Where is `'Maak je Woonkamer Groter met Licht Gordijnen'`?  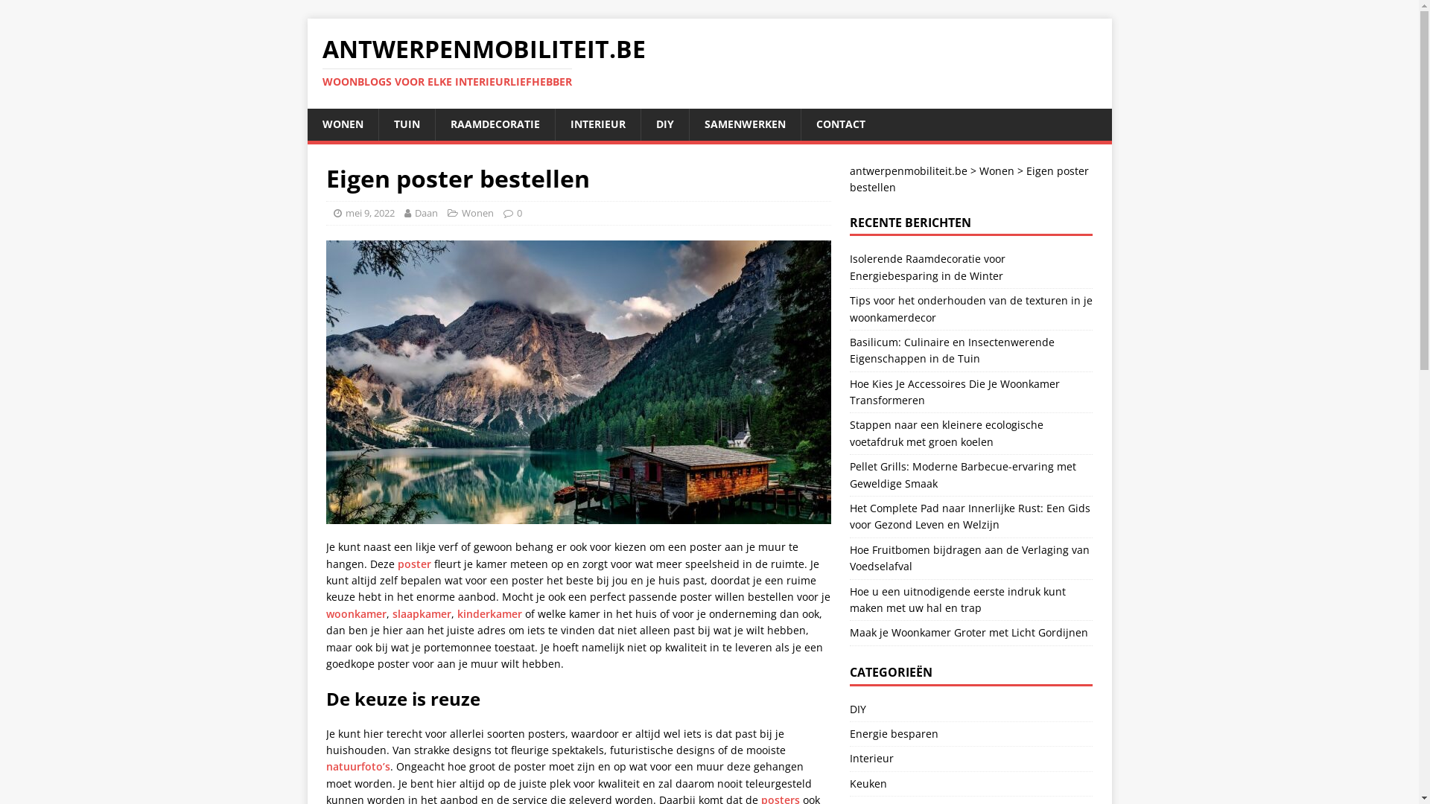
'Maak je Woonkamer Groter met Licht Gordijnen' is located at coordinates (968, 632).